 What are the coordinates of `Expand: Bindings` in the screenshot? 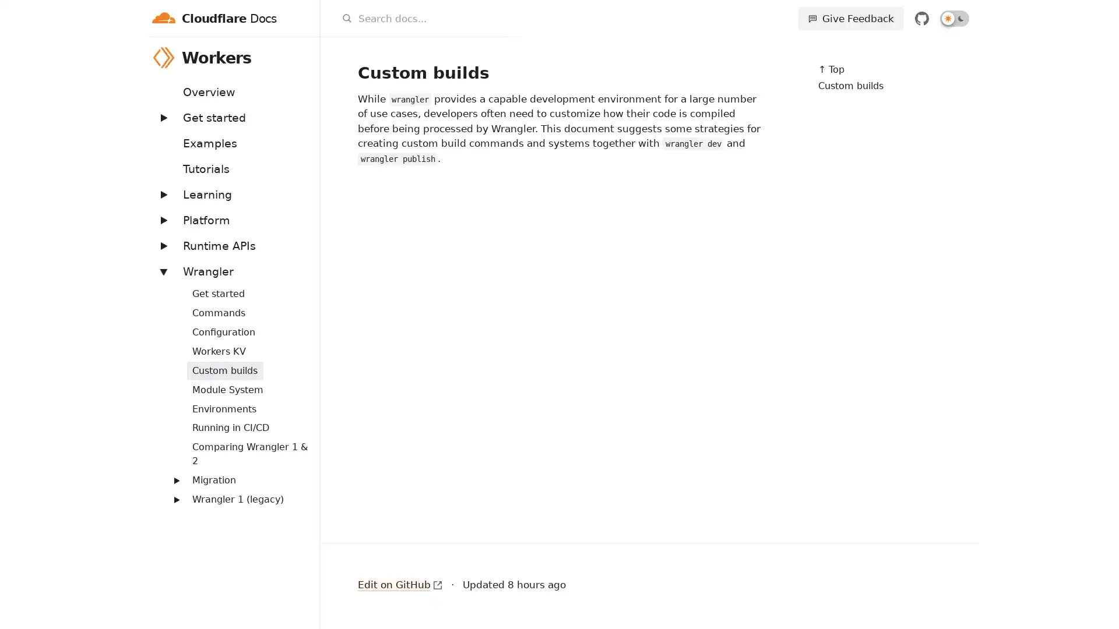 It's located at (170, 260).